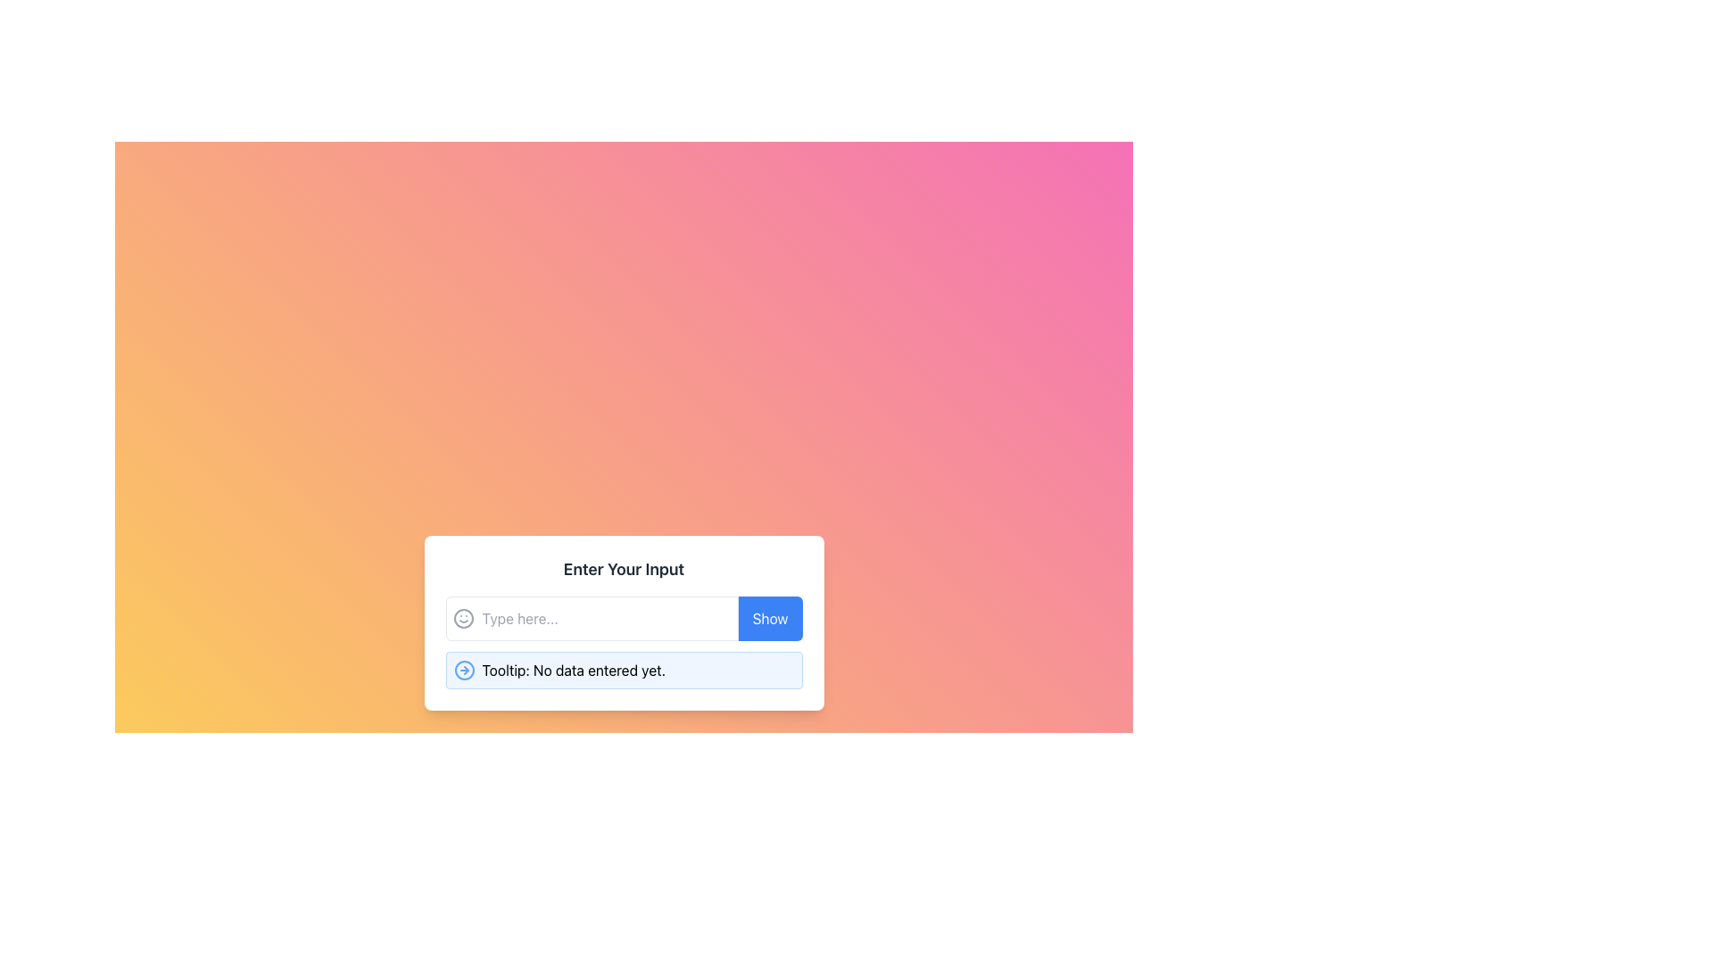 This screenshot has width=1713, height=963. Describe the element at coordinates (464, 671) in the screenshot. I see `the arrow icon located to the left of the text 'Tooltip: No data entered yet.' which serves as a navigational aid indicating direction to the right` at that location.